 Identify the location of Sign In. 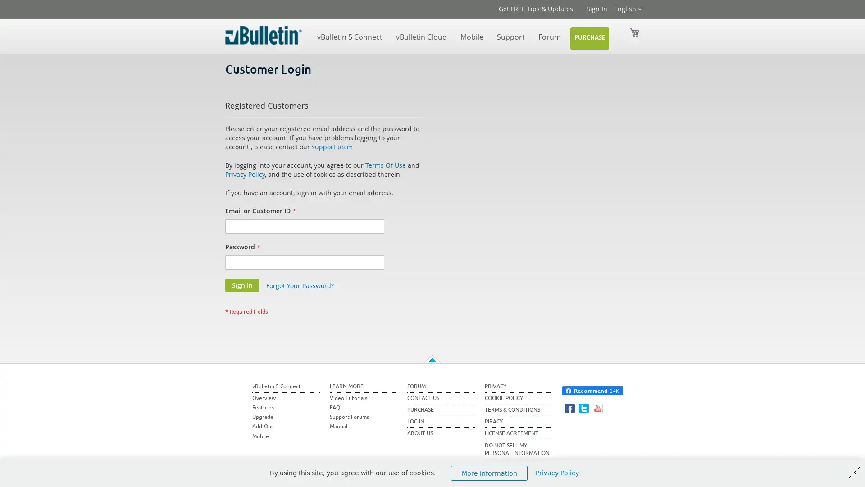
(242, 285).